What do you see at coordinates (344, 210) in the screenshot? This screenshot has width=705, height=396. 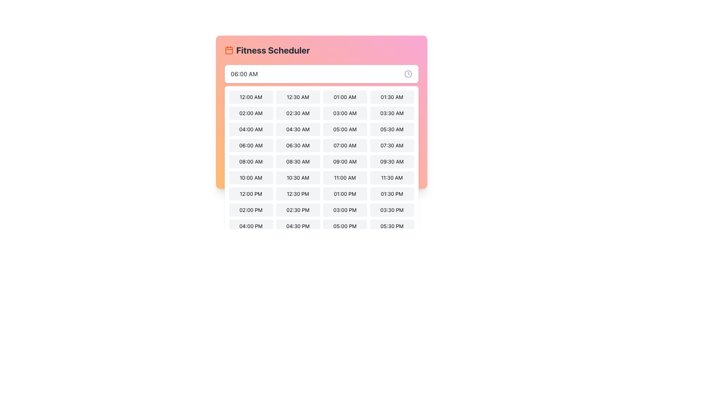 I see `the button in the time picker that allows users to select '03:00 PM'` at bounding box center [344, 210].